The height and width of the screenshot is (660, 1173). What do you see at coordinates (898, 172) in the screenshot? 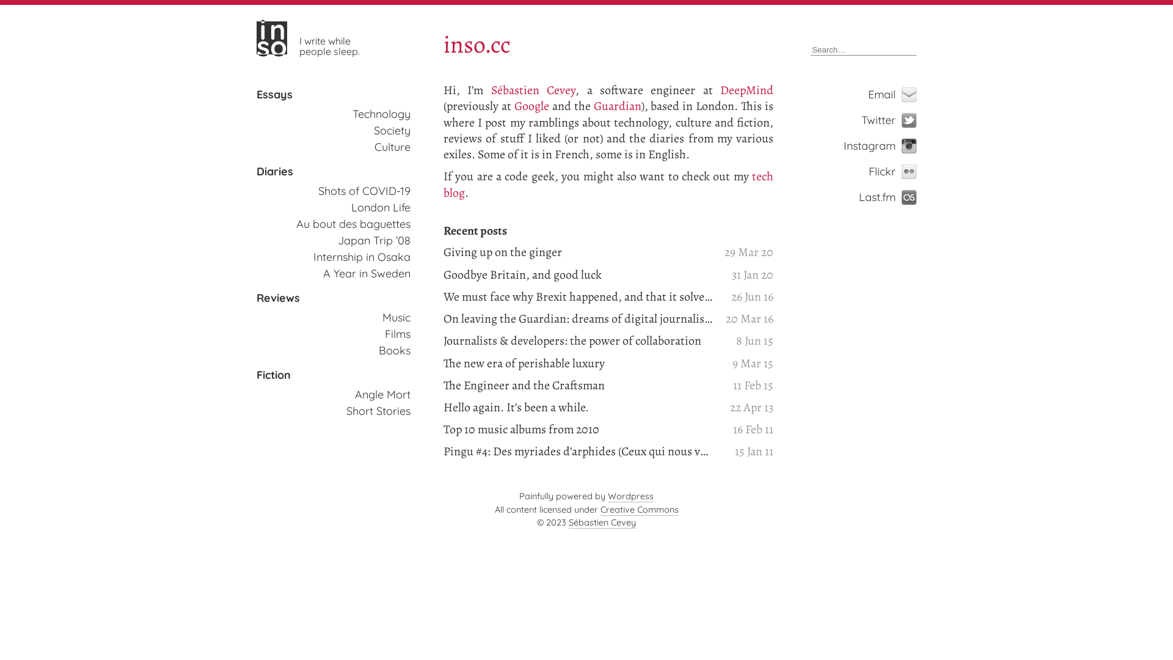
I see `'Flickr'` at bounding box center [898, 172].